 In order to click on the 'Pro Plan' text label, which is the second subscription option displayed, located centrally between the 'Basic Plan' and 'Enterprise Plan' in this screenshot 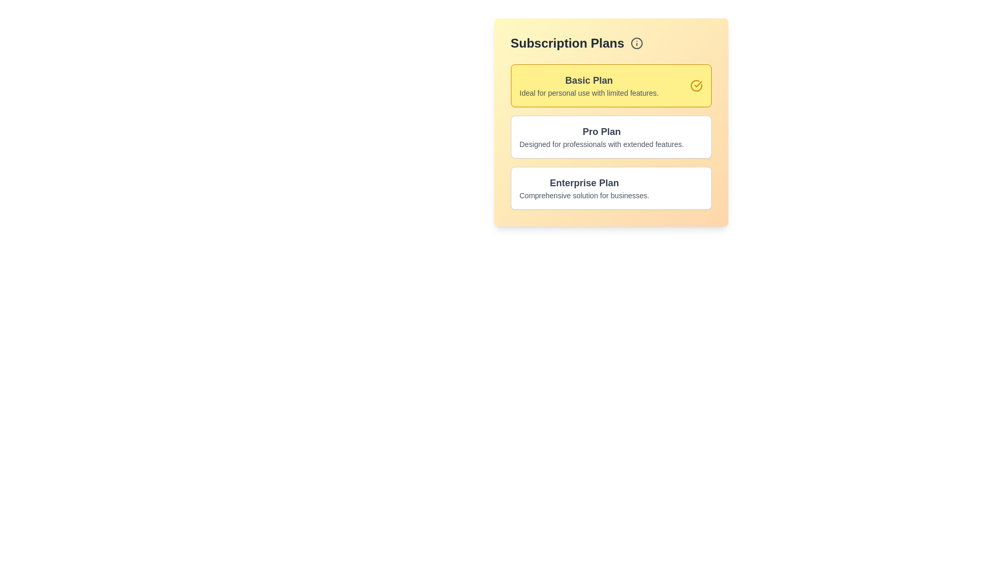, I will do `click(601, 131)`.